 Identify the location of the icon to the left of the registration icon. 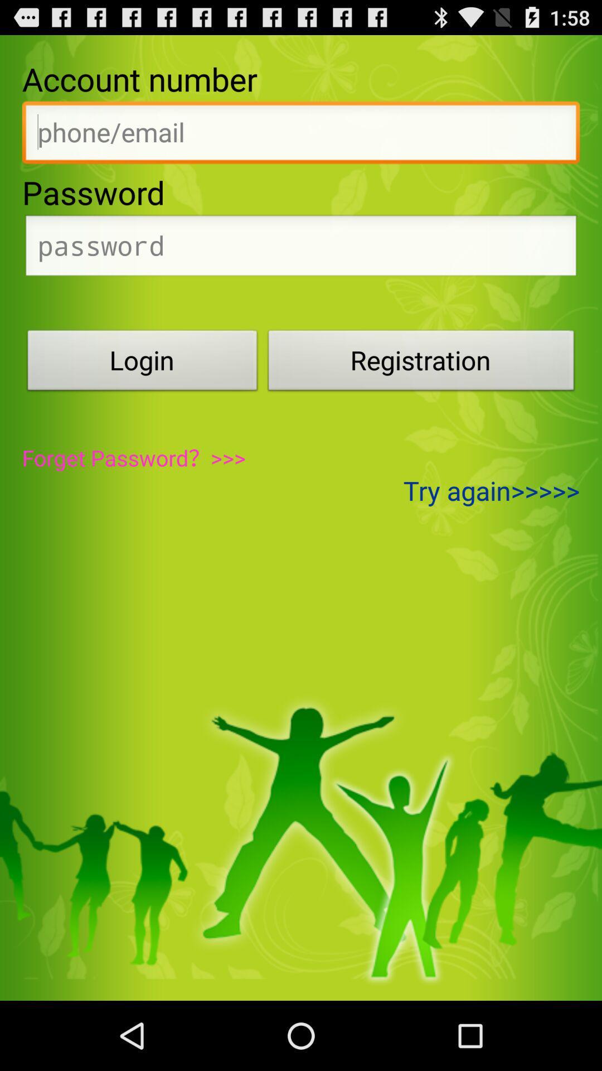
(142, 363).